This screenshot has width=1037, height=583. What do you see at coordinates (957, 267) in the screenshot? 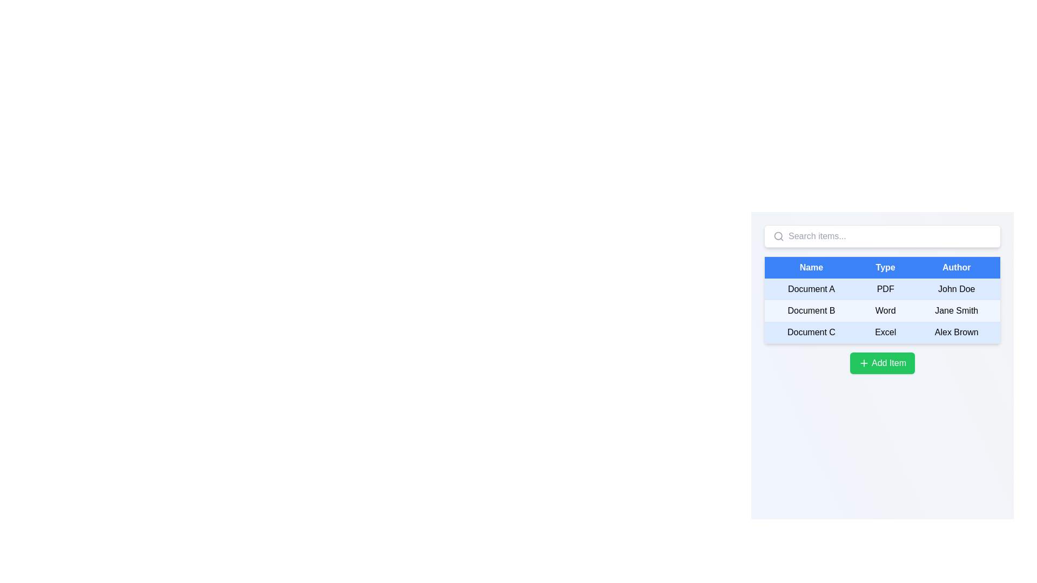
I see `the 'Author' column header, which is a rectangular button with a blue background and white text, positioned as the last column header in the row of a table-like structure` at bounding box center [957, 267].